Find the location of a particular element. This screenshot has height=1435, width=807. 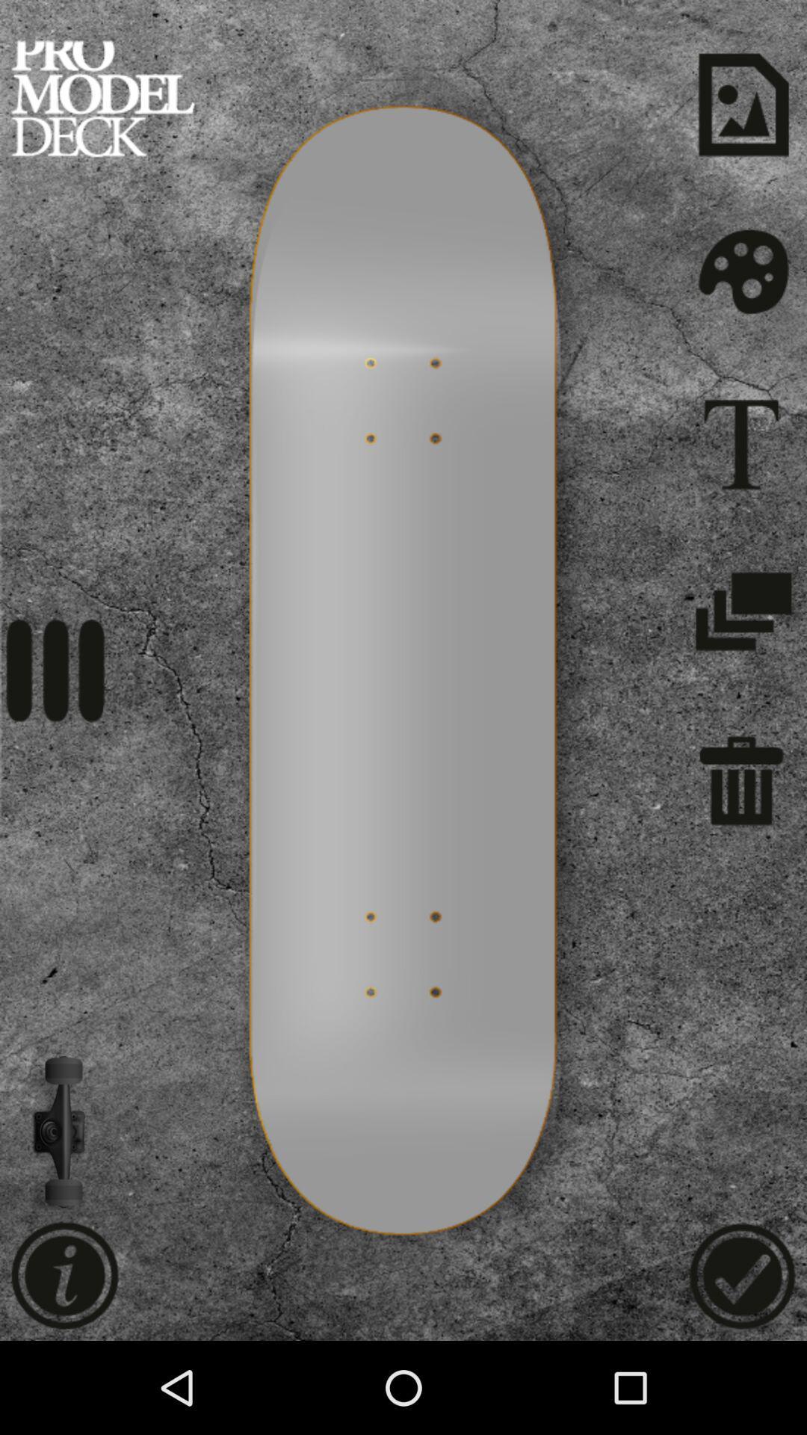

the delete icon is located at coordinates (741, 839).